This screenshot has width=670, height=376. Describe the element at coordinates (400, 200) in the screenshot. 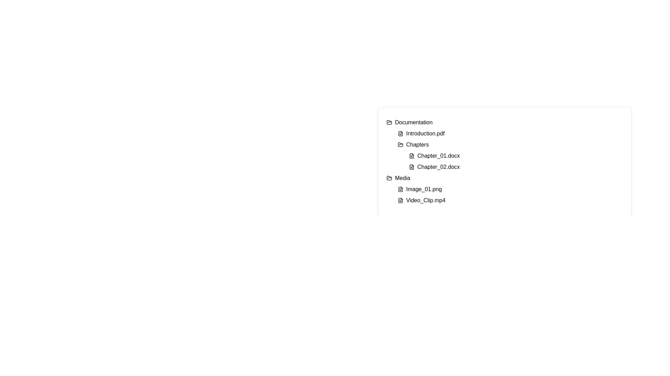

I see `the document icon represented by a rectangular vector graphic with a folded top corner, located in the right panel of the file structure view` at that location.